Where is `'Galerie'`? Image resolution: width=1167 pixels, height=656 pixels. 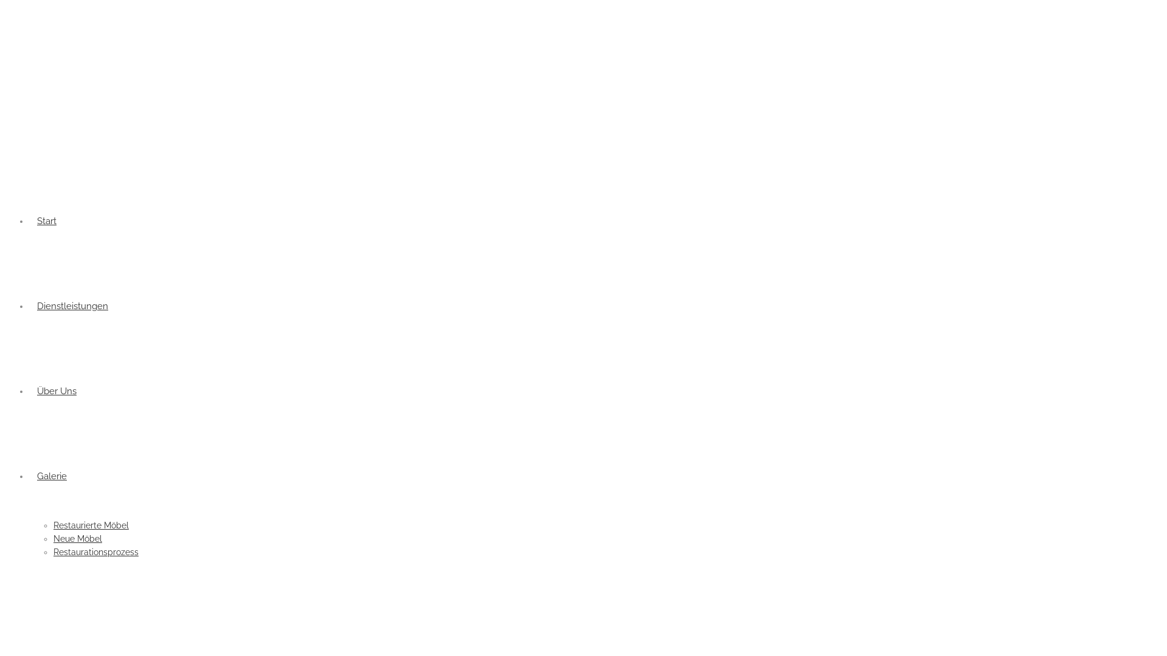 'Galerie' is located at coordinates (51, 475).